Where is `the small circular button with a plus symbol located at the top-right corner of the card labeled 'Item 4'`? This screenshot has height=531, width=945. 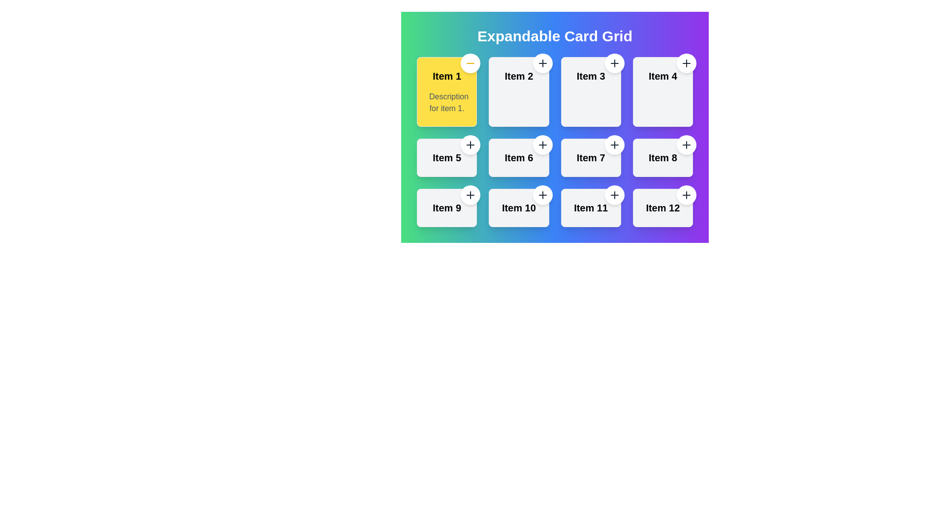 the small circular button with a plus symbol located at the top-right corner of the card labeled 'Item 4' is located at coordinates (686, 63).